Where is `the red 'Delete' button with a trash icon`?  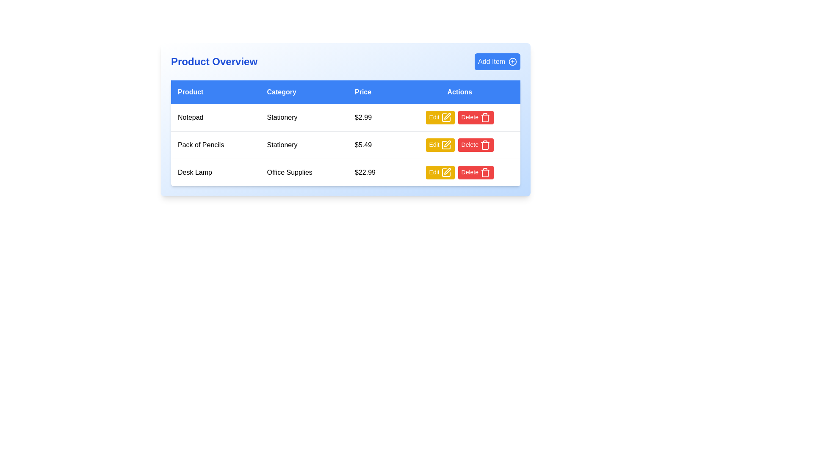 the red 'Delete' button with a trash icon is located at coordinates (476, 172).